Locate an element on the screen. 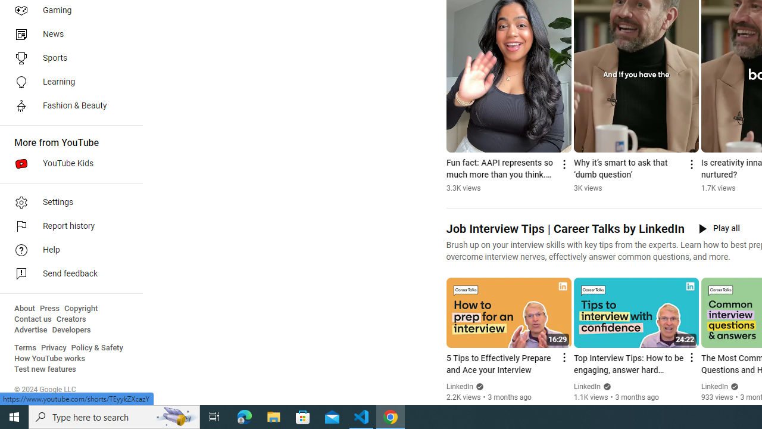  'LinkedIn' is located at coordinates (714, 387).